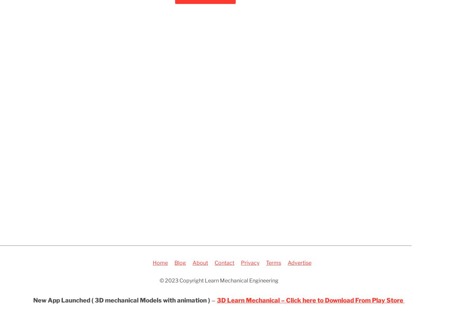 The height and width of the screenshot is (315, 451). I want to click on '© 2023 Copyright Learn Mechanical Engineering', so click(218, 280).